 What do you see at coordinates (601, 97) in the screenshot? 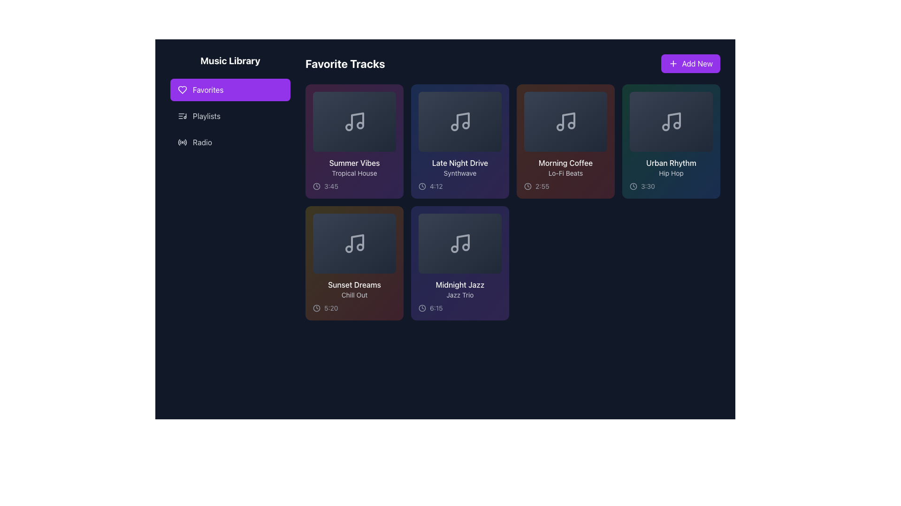
I see `the button located at the top-right corner of the 'Morning Coffee' card in the 'Favorite Tracks' section` at bounding box center [601, 97].